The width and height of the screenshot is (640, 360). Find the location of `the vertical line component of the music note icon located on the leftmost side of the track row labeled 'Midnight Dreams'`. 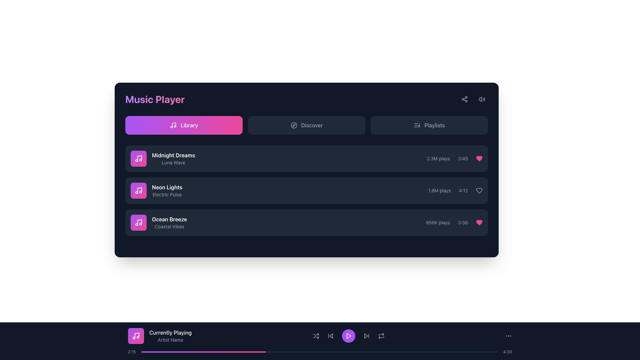

the vertical line component of the music note icon located on the leftmost side of the track row labeled 'Midnight Dreams' is located at coordinates (139, 158).